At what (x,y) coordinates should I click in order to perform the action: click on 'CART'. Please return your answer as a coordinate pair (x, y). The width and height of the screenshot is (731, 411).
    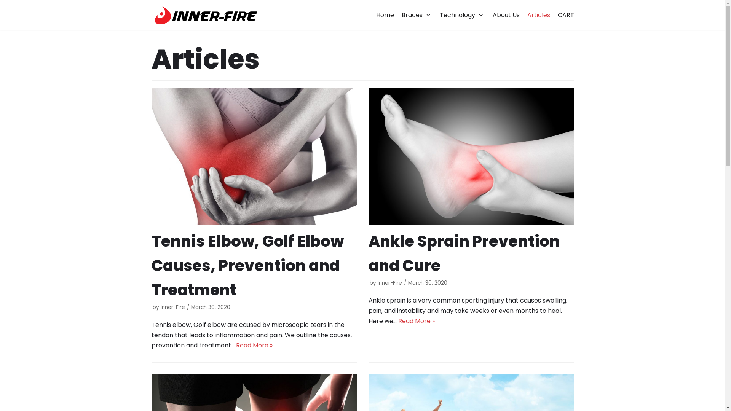
    Looking at the image, I should click on (557, 15).